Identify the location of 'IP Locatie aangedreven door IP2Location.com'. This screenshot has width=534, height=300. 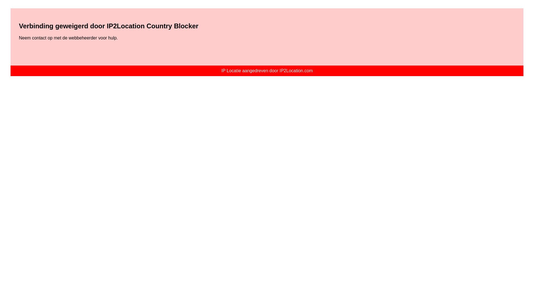
(267, 70).